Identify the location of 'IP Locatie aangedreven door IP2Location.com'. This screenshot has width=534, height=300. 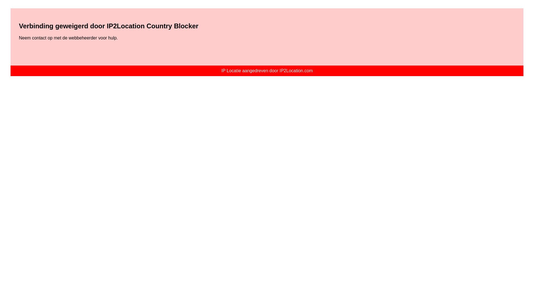
(267, 70).